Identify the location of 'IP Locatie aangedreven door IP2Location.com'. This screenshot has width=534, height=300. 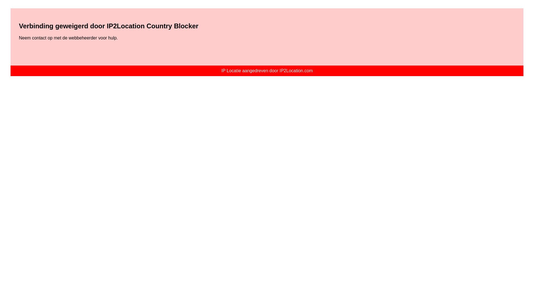
(267, 70).